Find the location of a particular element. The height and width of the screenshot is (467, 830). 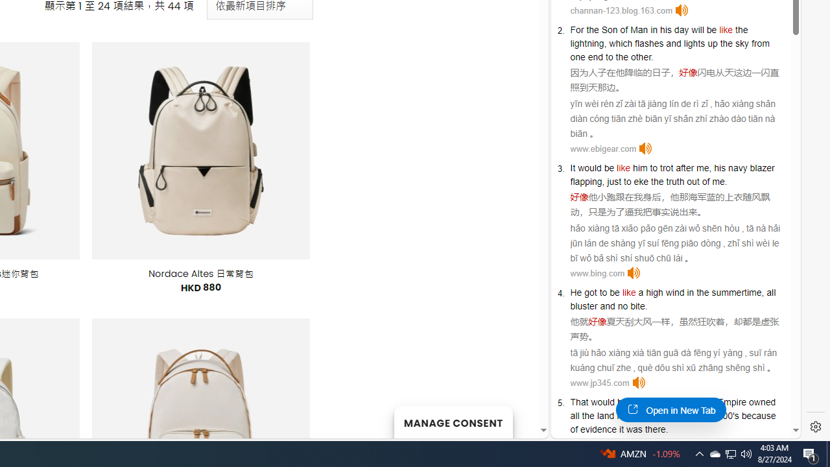

'a' is located at coordinates (641, 293).